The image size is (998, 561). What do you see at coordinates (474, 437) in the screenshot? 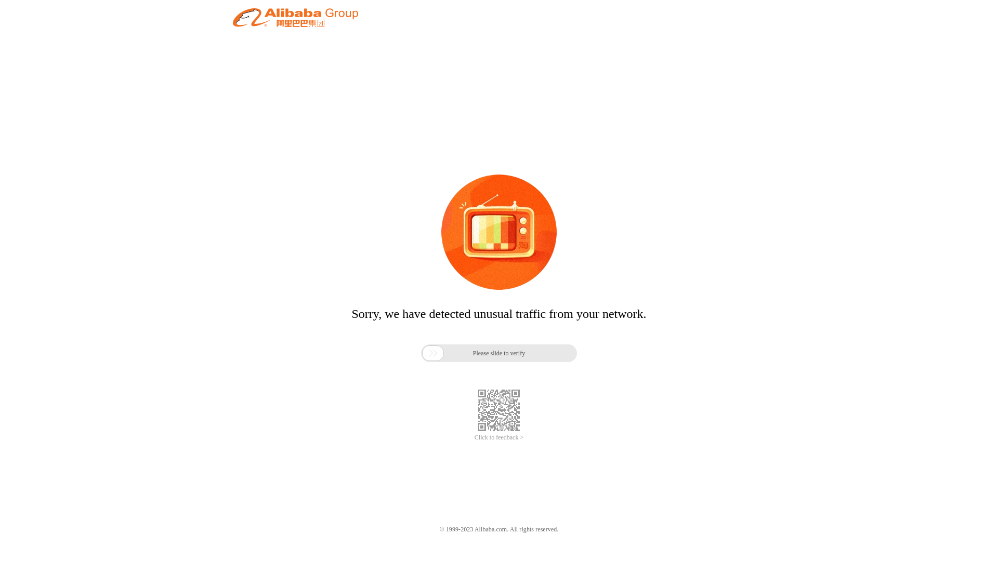
I see `'Click to feedback >'` at bounding box center [474, 437].